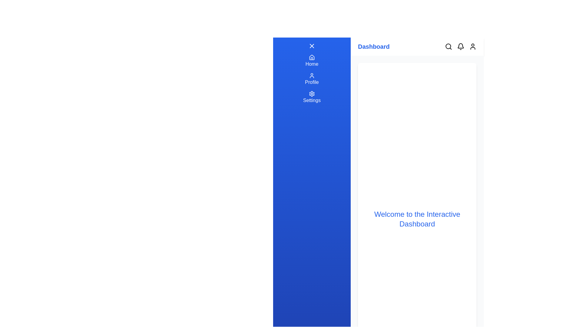 The image size is (582, 327). What do you see at coordinates (461, 46) in the screenshot?
I see `the bell-shaped notification icon` at bounding box center [461, 46].